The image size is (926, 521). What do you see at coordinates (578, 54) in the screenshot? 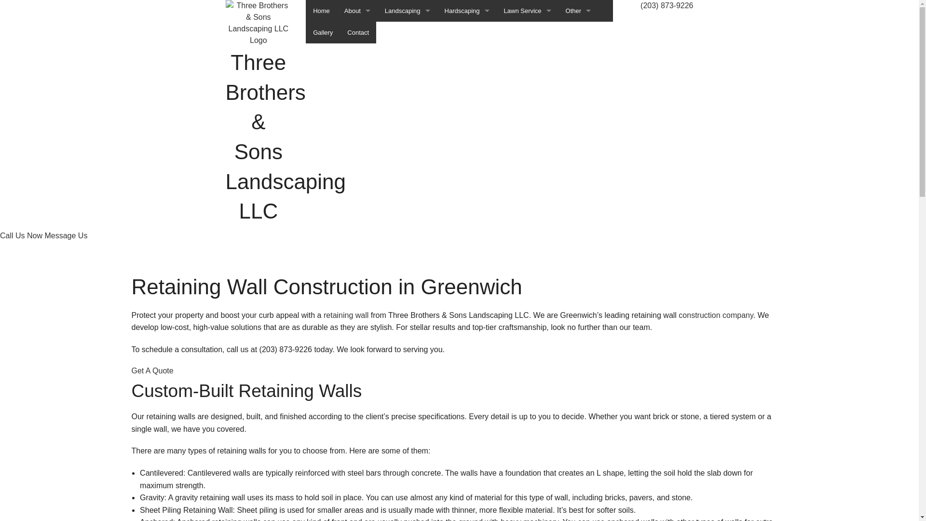
I see `'Ice Control Services'` at bounding box center [578, 54].